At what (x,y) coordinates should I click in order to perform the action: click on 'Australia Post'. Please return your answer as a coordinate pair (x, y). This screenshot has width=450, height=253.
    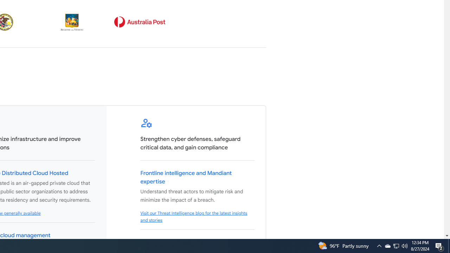
    Looking at the image, I should click on (140, 22).